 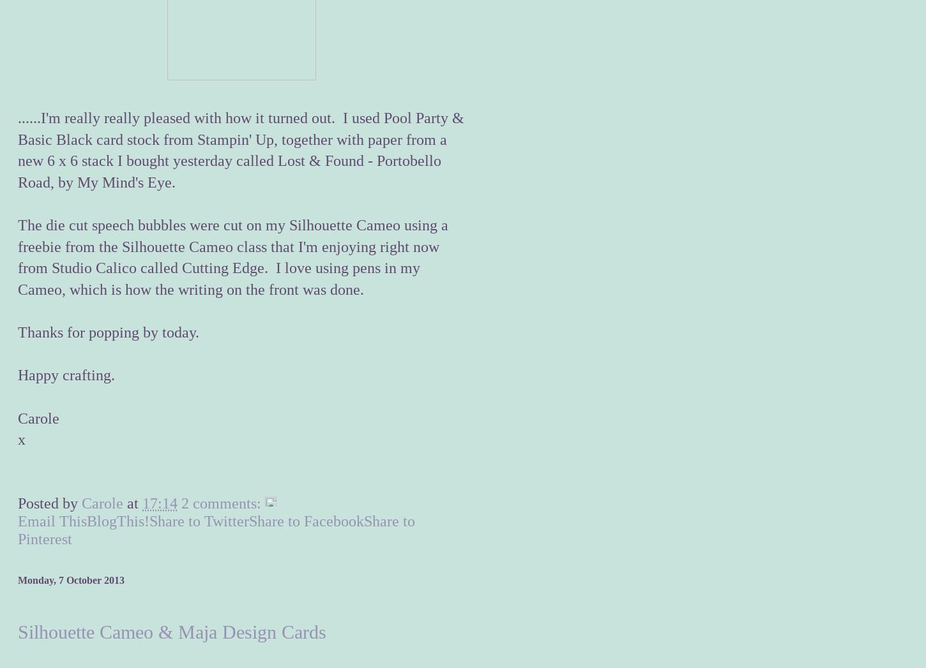 What do you see at coordinates (17, 256) in the screenshot?
I see `'The die cut speech bubbles were cut on my Silhouette Cameo using a freebie from the Silhouette Cameo class that I'm enjoying right now from Studio Calico called Cutting Edge.  I love using pens in my Cameo, which is how the writing on the front was done.'` at bounding box center [17, 256].